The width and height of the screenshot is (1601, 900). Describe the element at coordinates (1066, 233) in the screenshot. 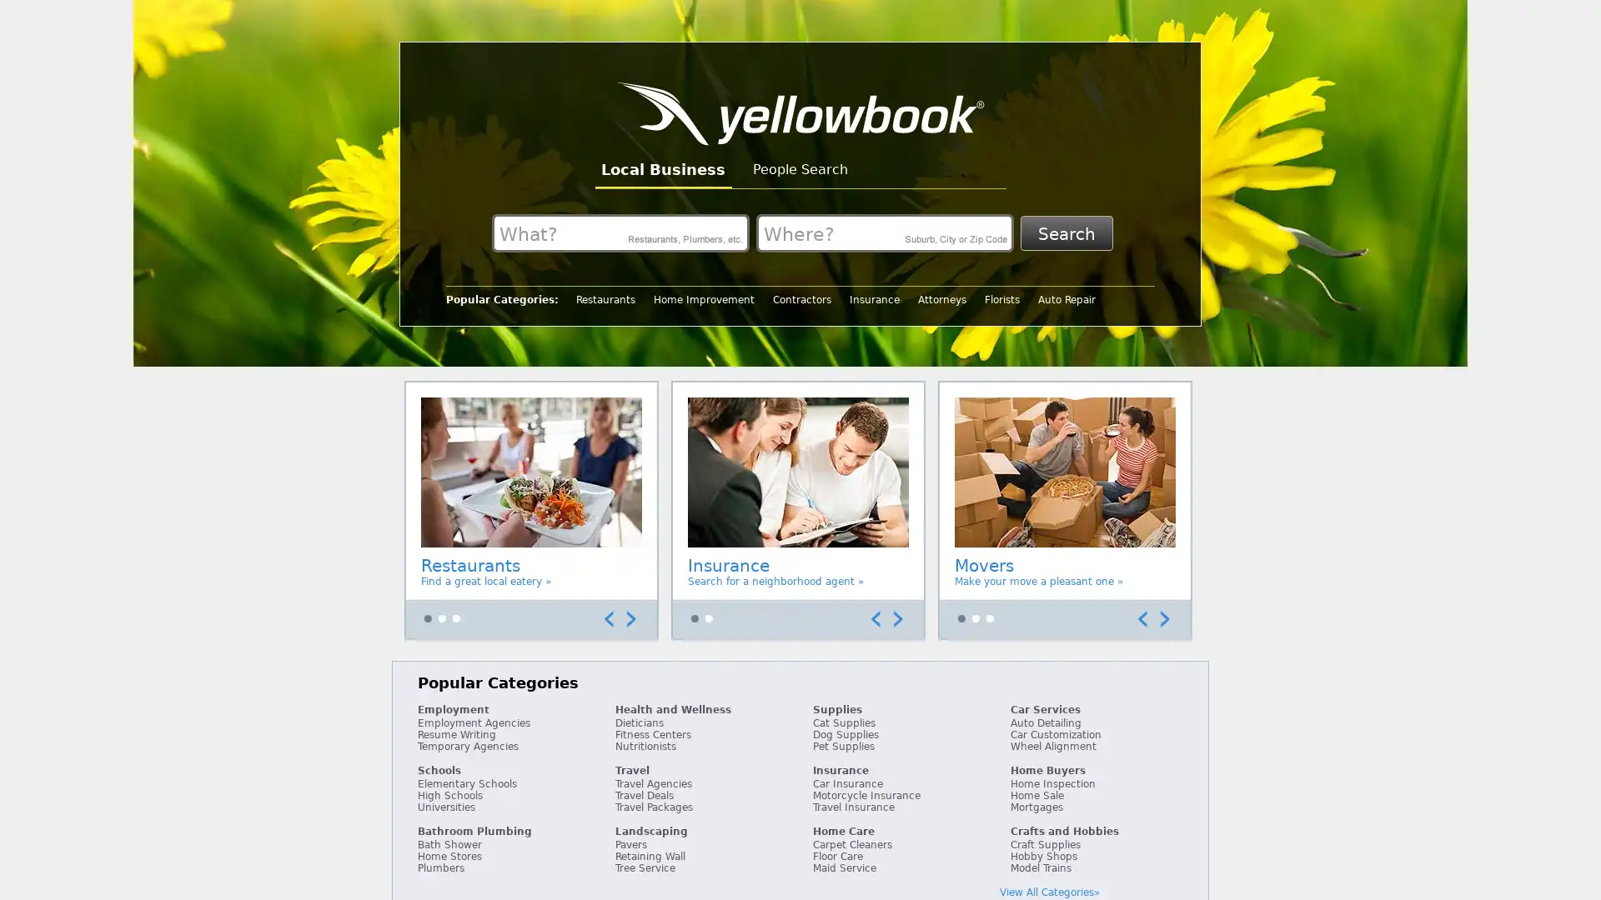

I see `Search` at that location.